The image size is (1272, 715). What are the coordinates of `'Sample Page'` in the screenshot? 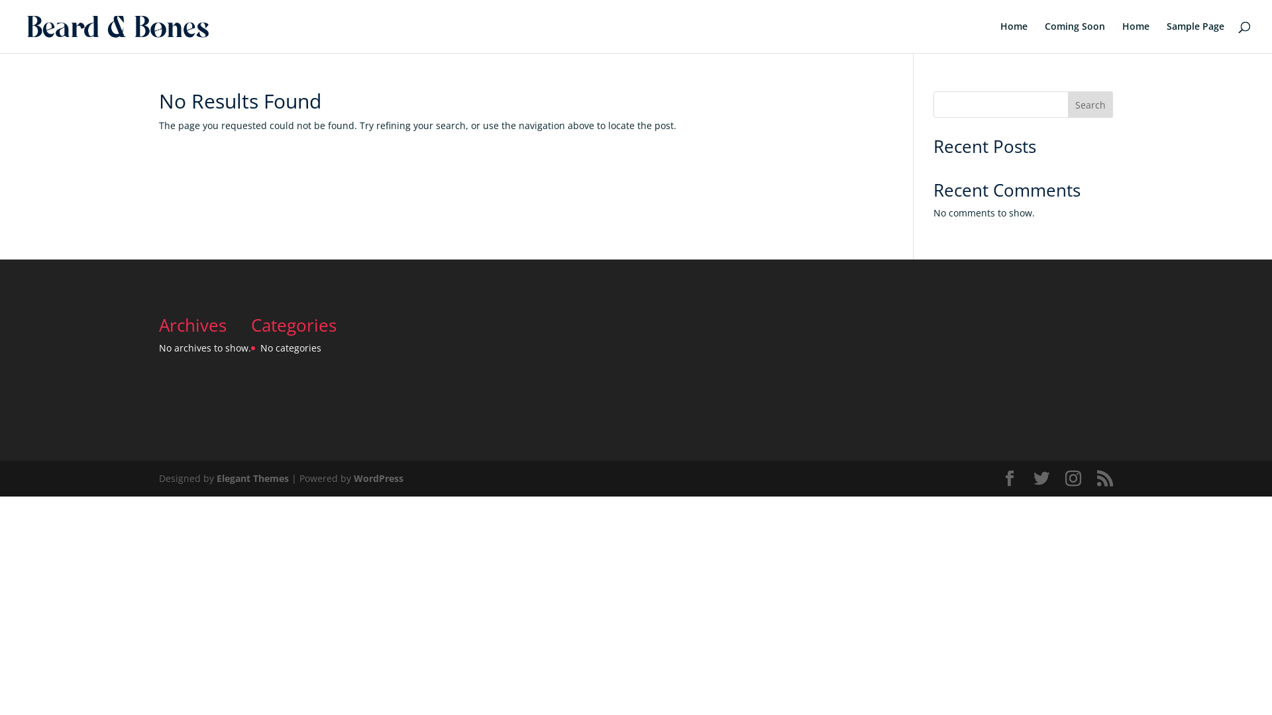 It's located at (1167, 36).